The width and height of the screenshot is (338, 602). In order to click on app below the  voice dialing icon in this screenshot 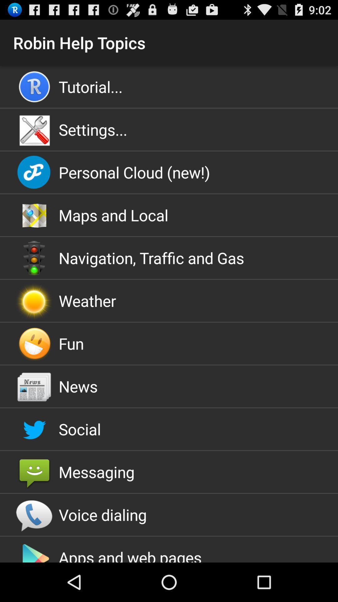, I will do `click(169, 549)`.